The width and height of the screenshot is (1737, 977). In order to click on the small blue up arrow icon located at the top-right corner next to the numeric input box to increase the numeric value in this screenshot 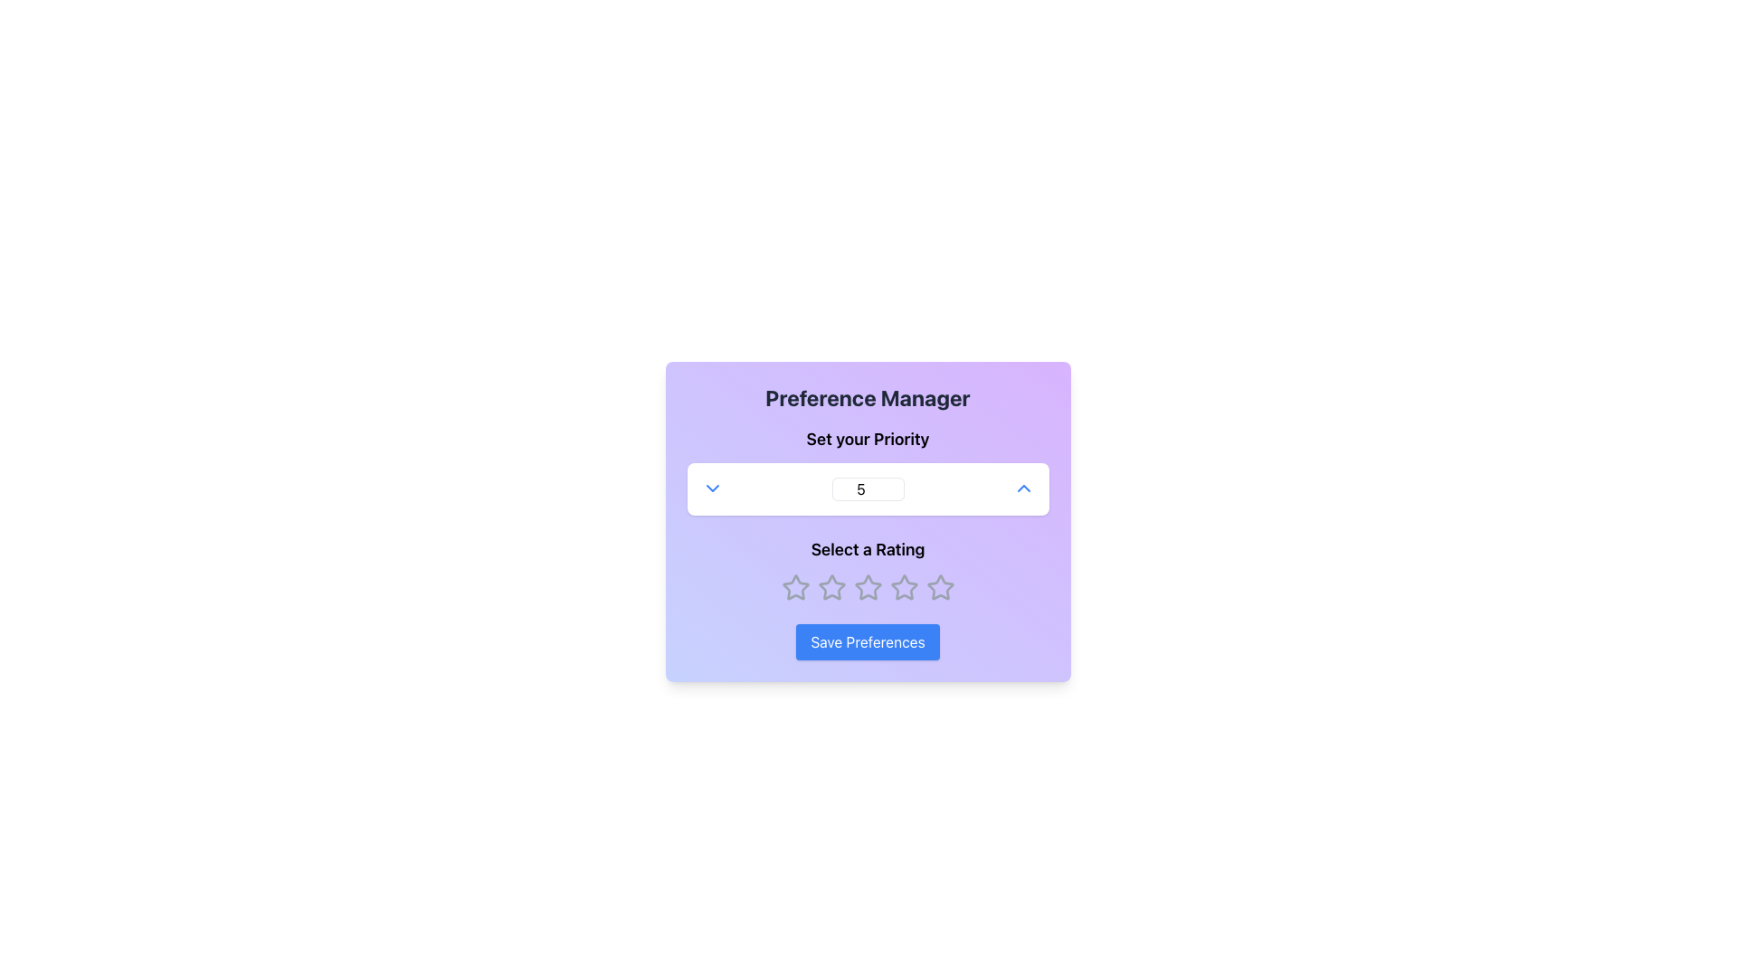, I will do `click(1023, 488)`.